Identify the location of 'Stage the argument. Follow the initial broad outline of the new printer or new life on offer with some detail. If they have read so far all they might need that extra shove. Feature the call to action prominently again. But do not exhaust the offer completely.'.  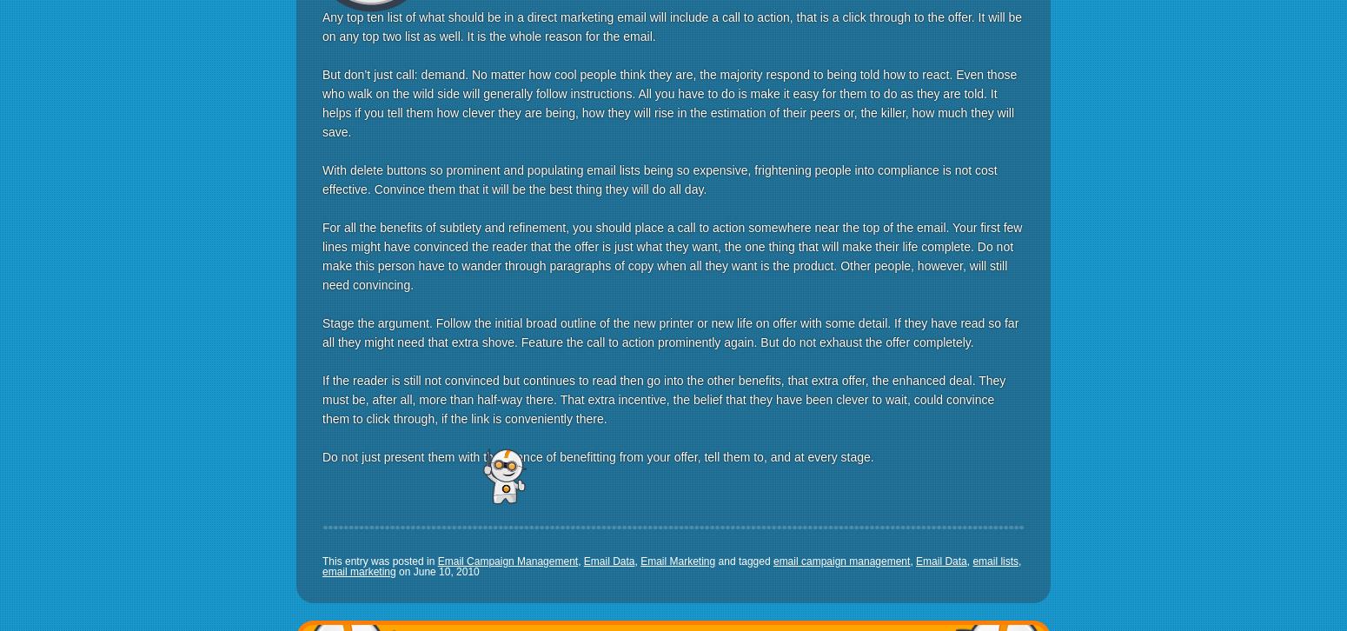
(670, 332).